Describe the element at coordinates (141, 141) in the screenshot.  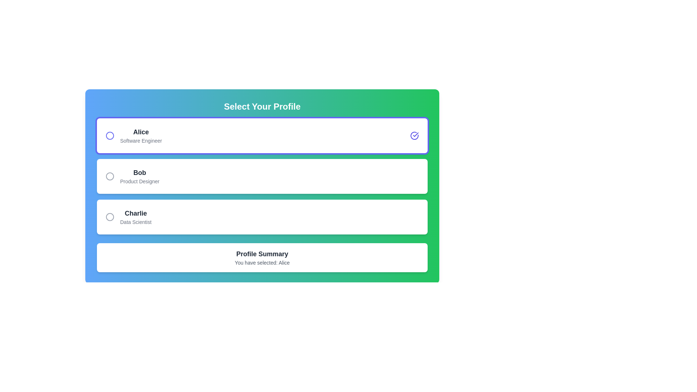
I see `the text label displaying 'Software Engineer', which is located below the larger label 'Alice' in the first profile selection card` at that location.